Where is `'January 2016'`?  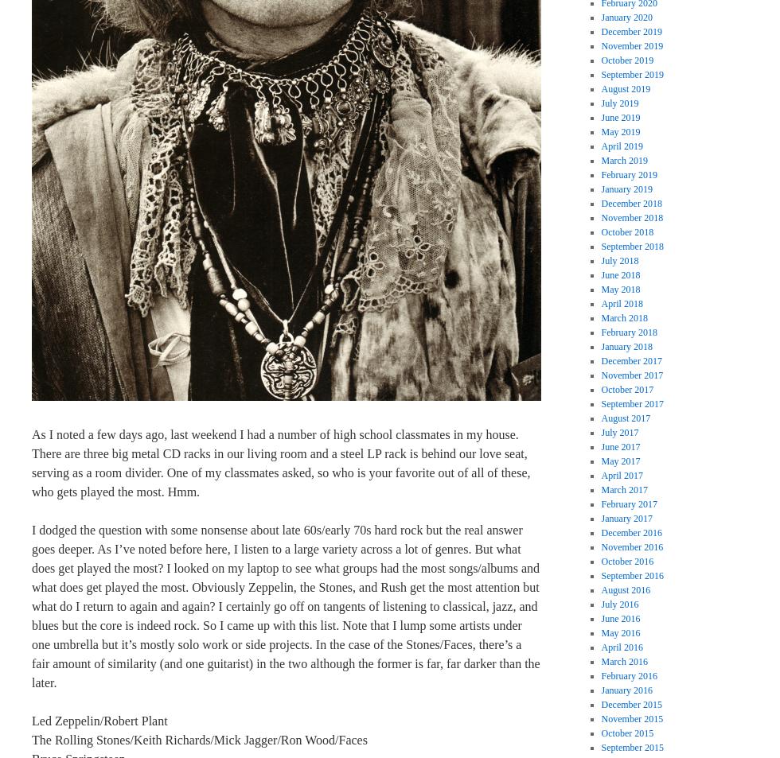
'January 2016' is located at coordinates (626, 690).